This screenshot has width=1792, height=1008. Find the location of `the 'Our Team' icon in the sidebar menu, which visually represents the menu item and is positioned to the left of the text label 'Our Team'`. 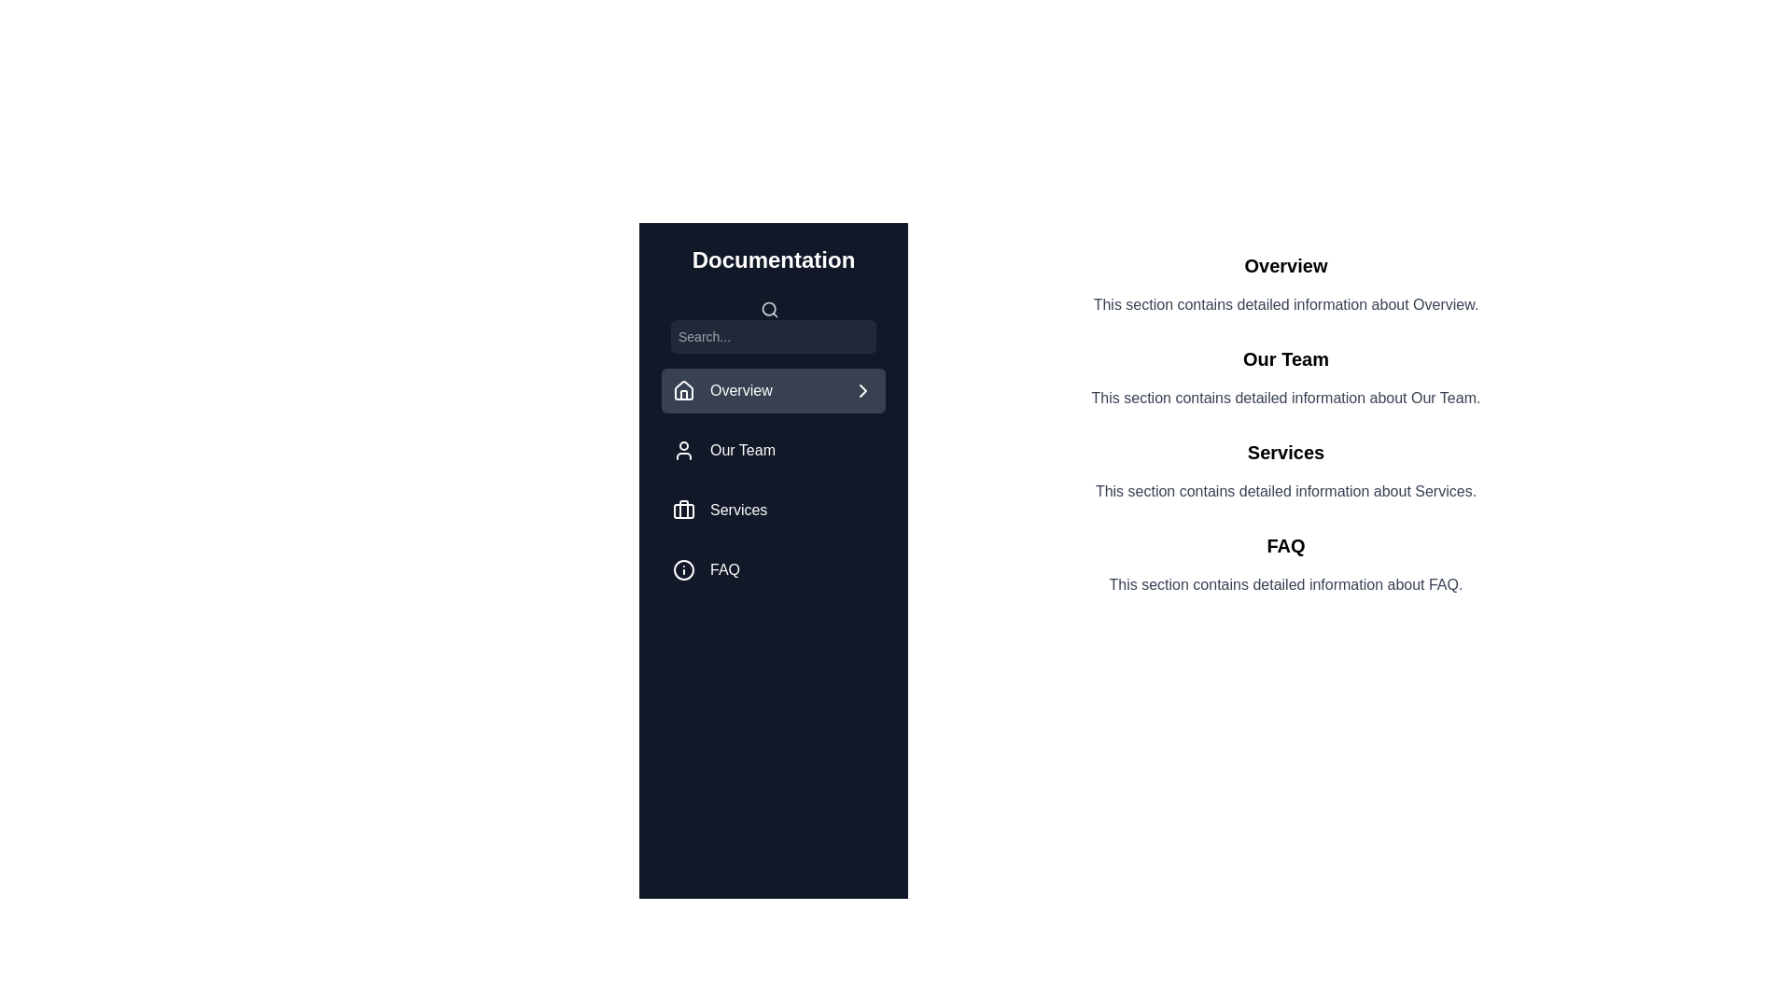

the 'Our Team' icon in the sidebar menu, which visually represents the menu item and is positioned to the left of the text label 'Our Team' is located at coordinates (683, 450).